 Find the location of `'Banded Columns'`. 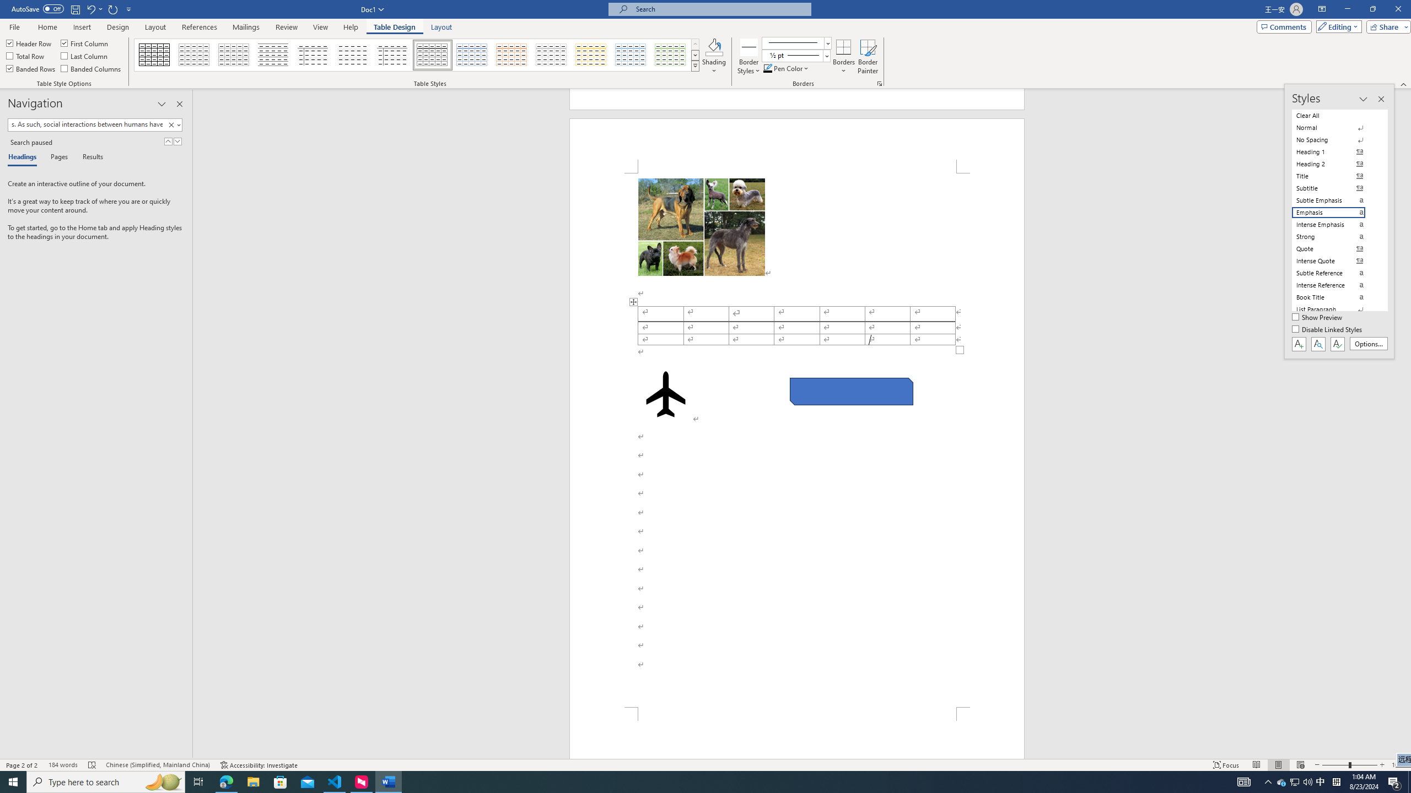

'Banded Columns' is located at coordinates (91, 67).